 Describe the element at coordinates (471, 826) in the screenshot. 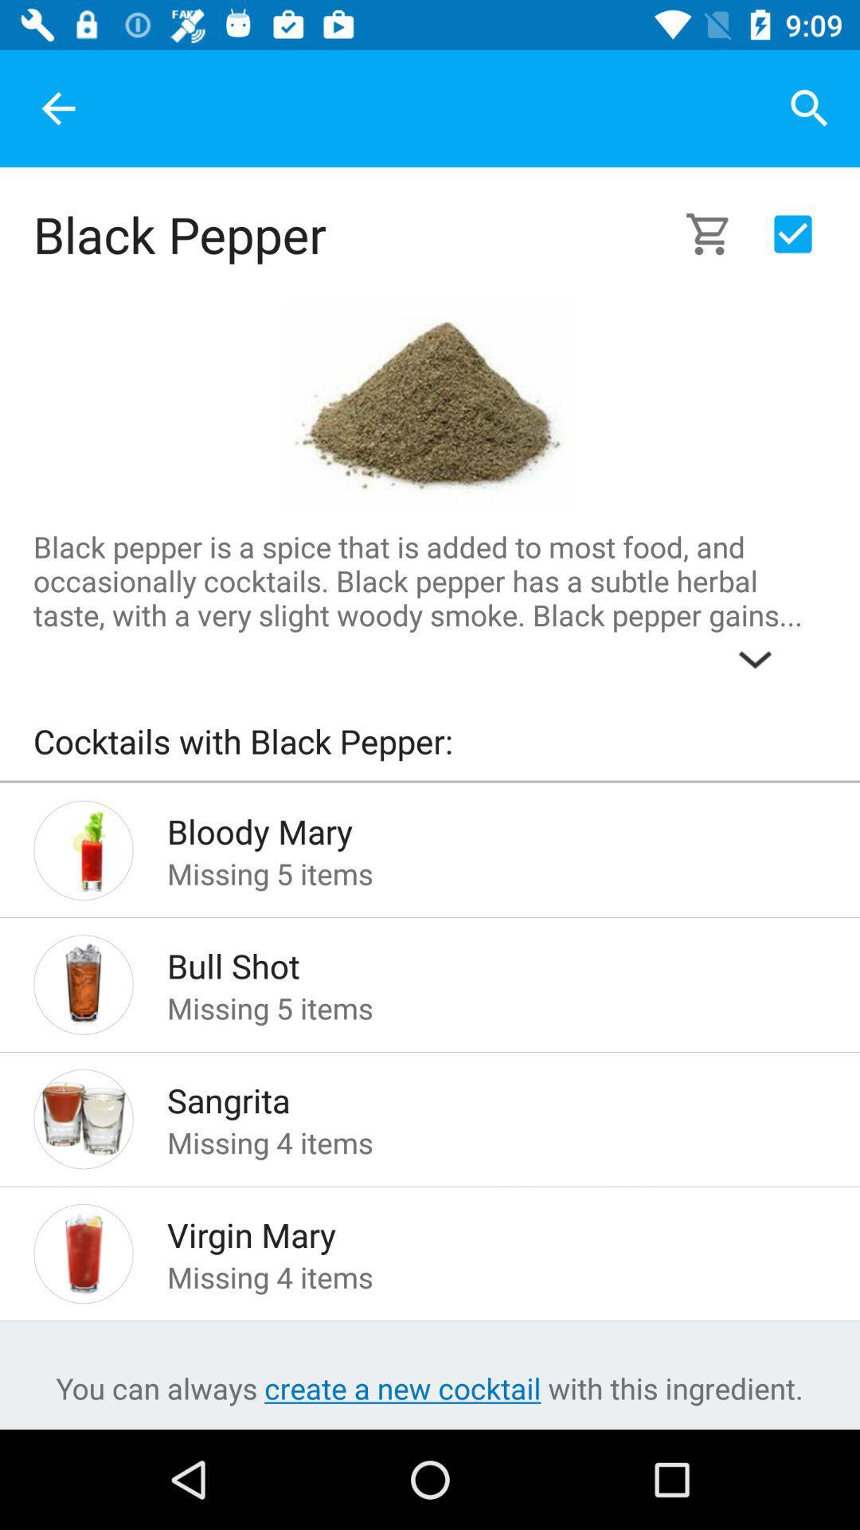

I see `the bloody mary icon` at that location.